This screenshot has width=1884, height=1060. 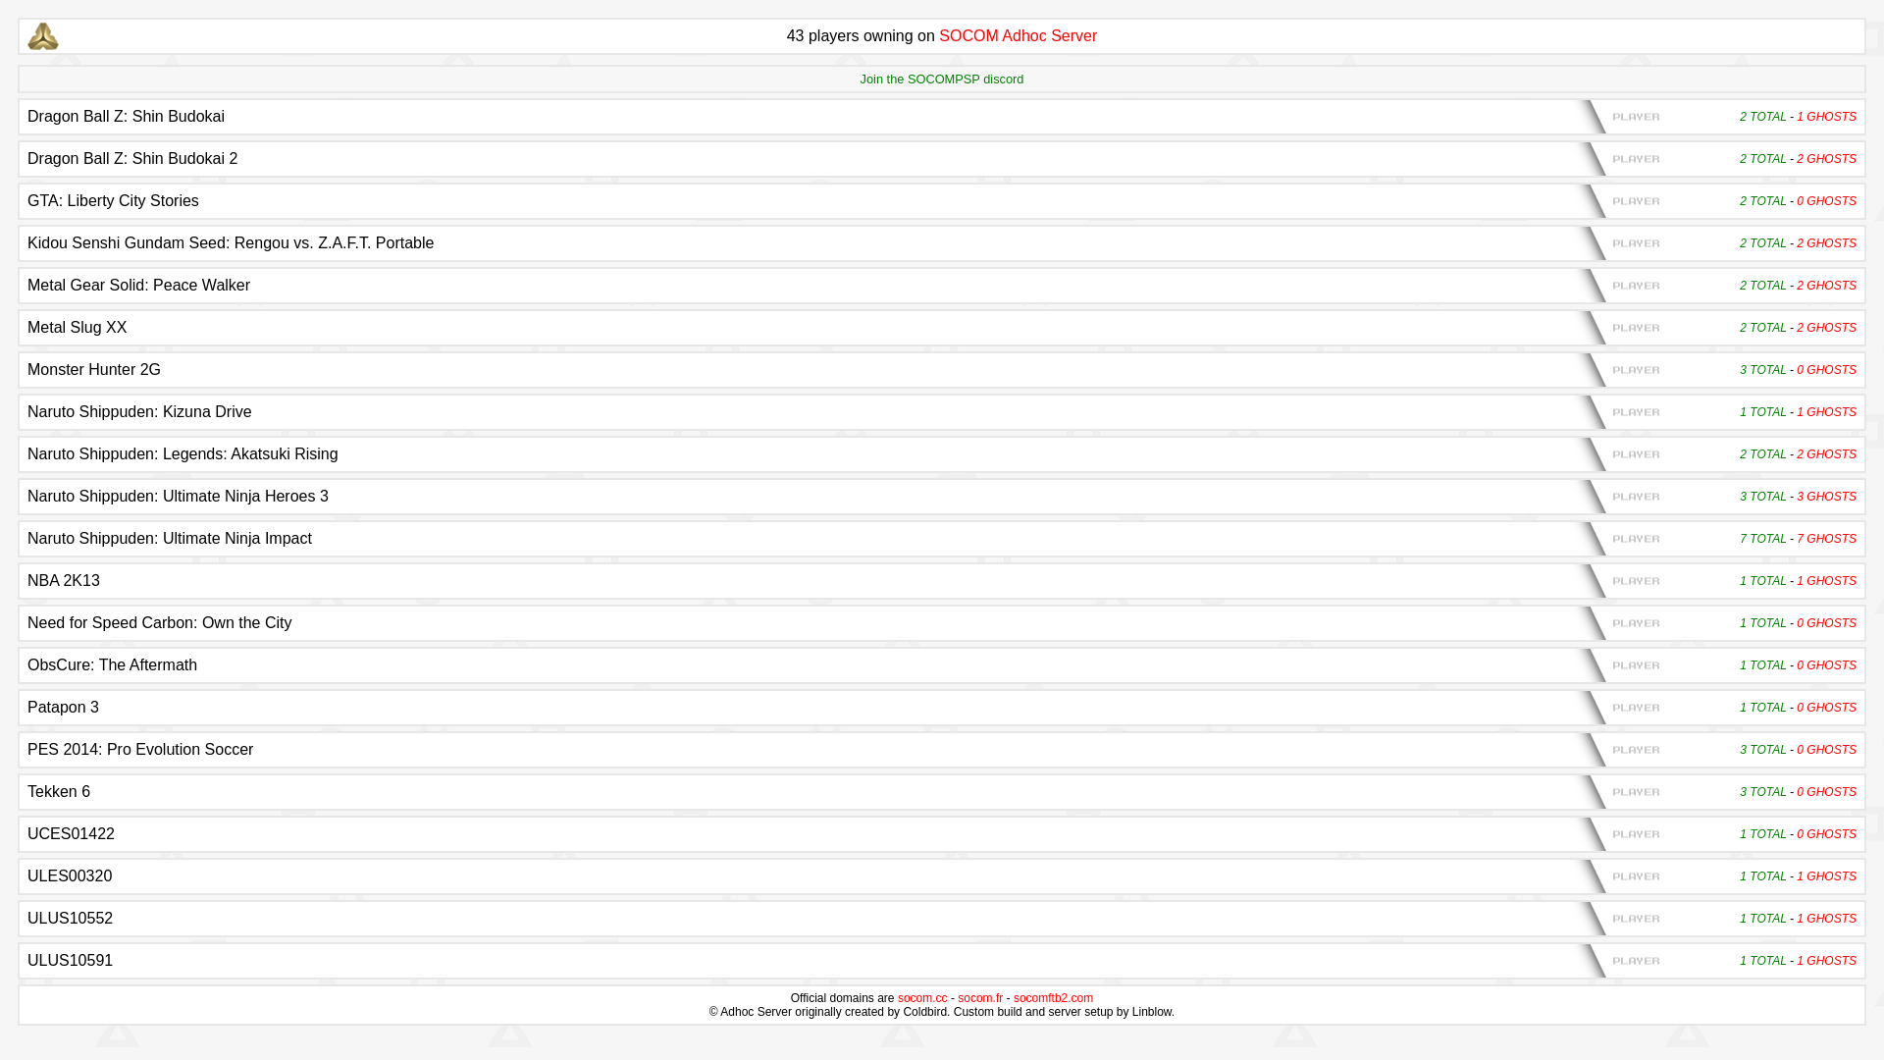 What do you see at coordinates (1018, 35) in the screenshot?
I see `'SOCOM Adhoc Server'` at bounding box center [1018, 35].